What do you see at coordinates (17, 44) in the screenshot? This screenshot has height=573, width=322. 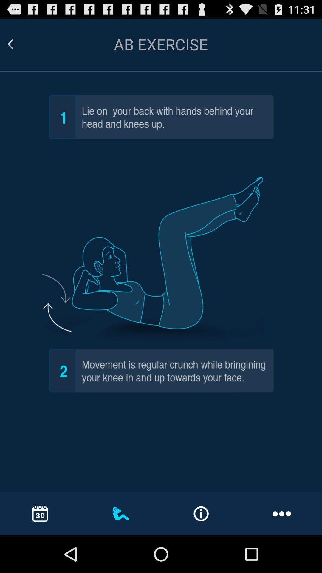 I see `previous` at bounding box center [17, 44].